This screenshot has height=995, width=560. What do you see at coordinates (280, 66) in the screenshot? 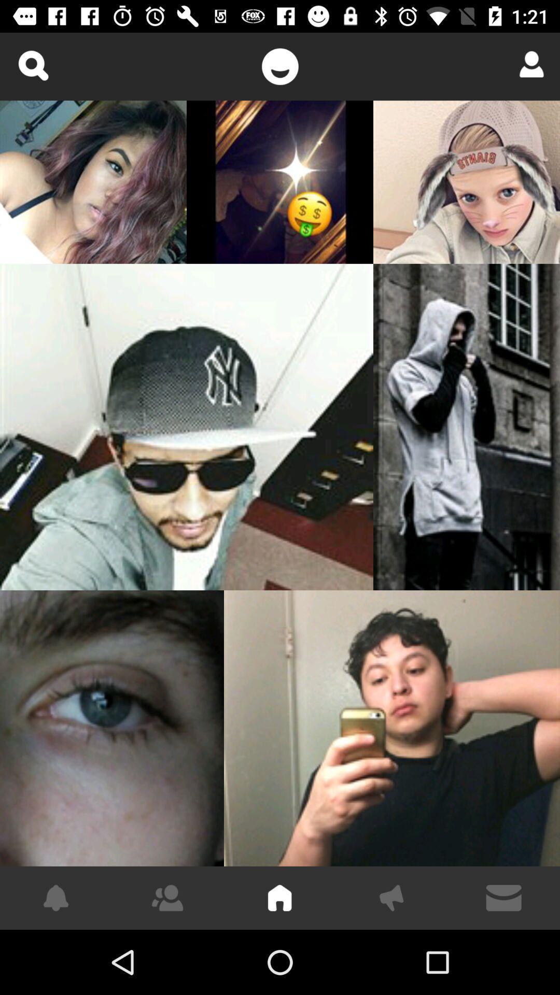
I see `the emoji icon` at bounding box center [280, 66].